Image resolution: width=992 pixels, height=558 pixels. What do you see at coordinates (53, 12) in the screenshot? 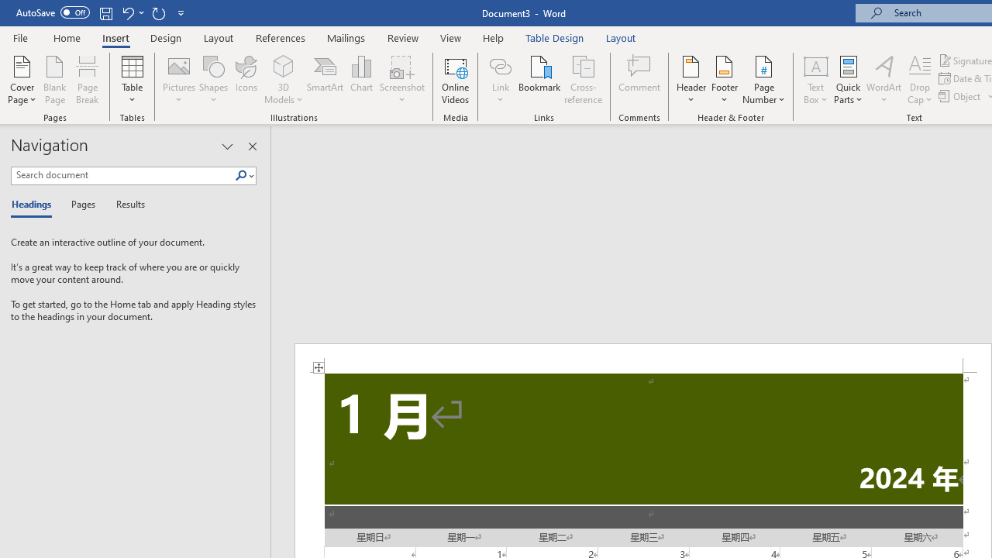
I see `'AutoSave'` at bounding box center [53, 12].